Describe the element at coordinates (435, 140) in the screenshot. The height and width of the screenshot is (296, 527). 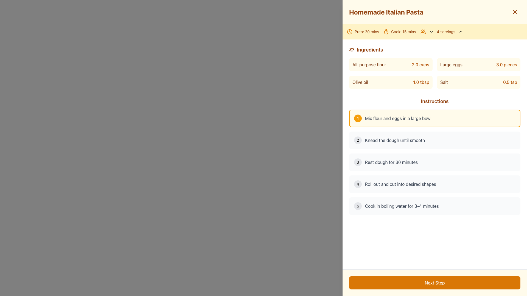
I see `the second numbered bullet in the 'Instructions' section that provides a specific step in preparing a recipe` at that location.